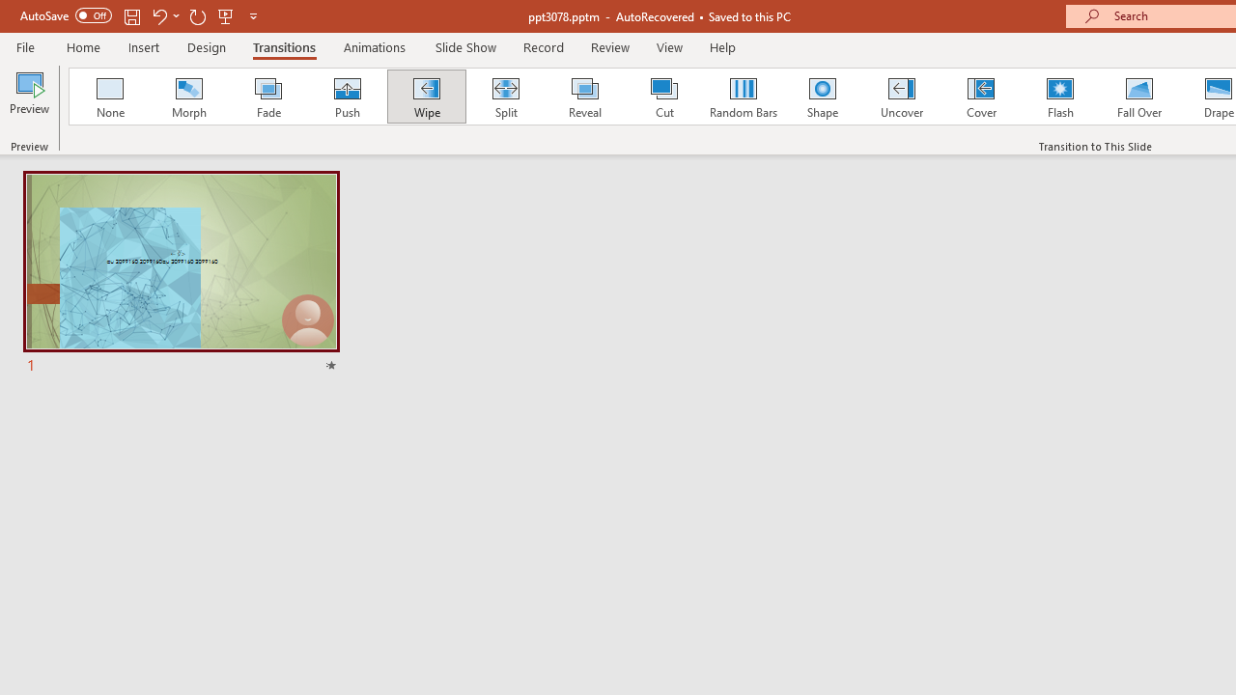  What do you see at coordinates (29, 99) in the screenshot?
I see `'Preview'` at bounding box center [29, 99].